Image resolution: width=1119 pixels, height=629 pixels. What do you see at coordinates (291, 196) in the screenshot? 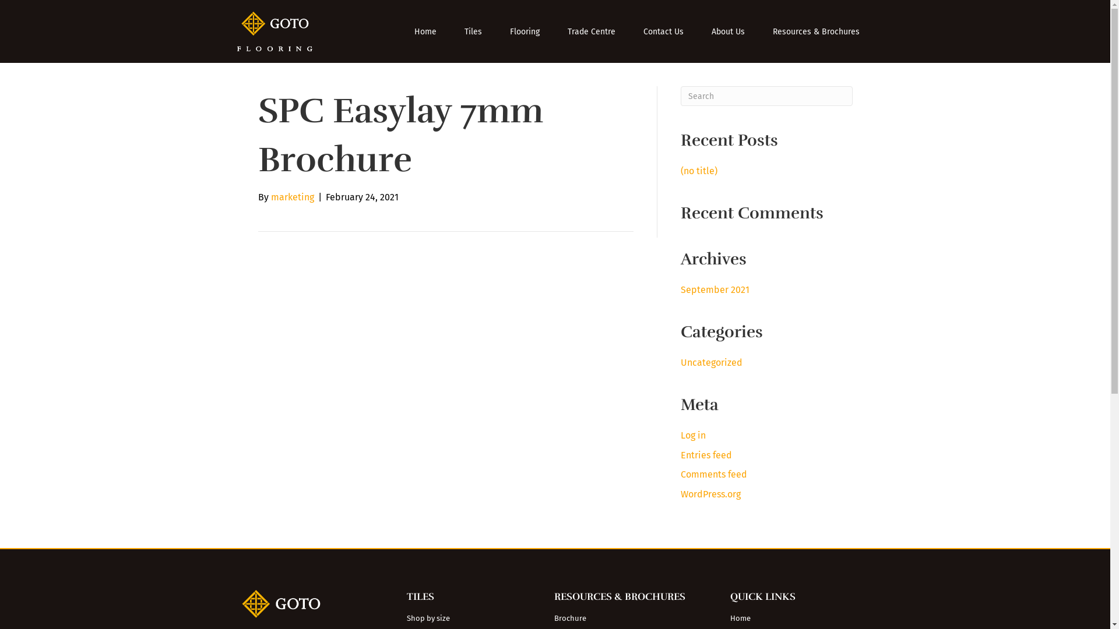
I see `'marketing'` at bounding box center [291, 196].